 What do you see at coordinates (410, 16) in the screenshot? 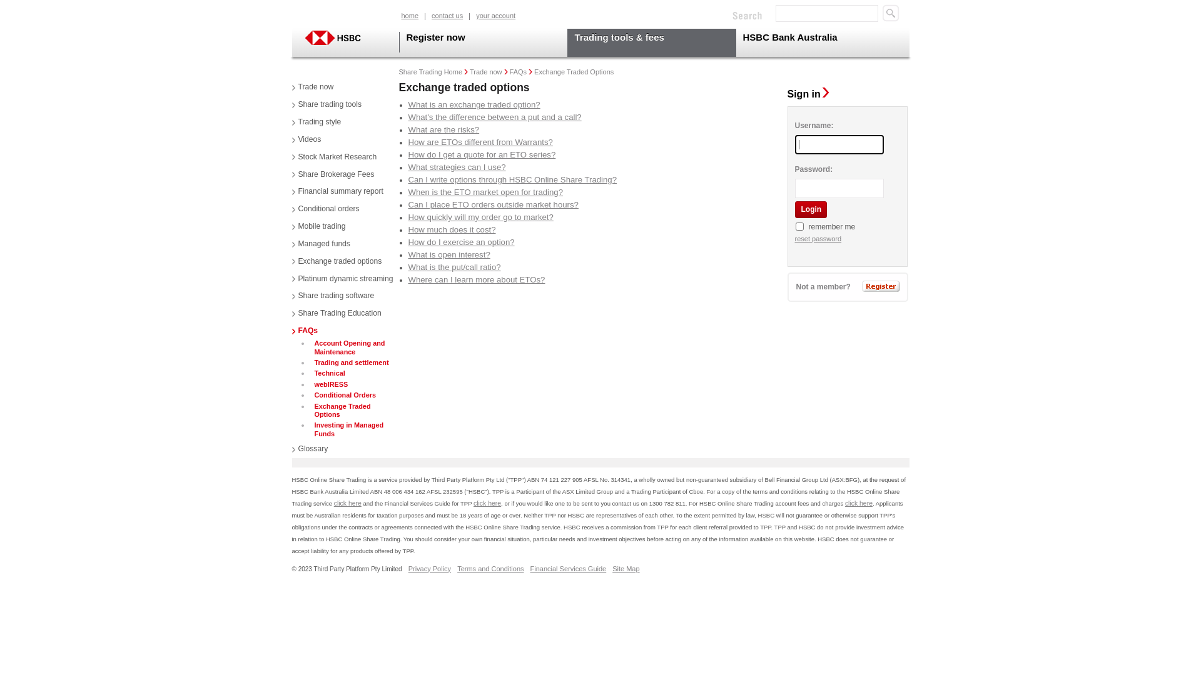
I see `'home'` at bounding box center [410, 16].